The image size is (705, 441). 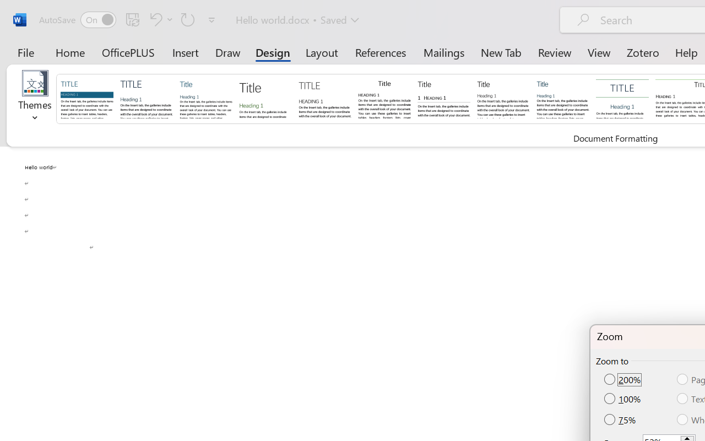 I want to click on 'Centered', so click(x=622, y=98).